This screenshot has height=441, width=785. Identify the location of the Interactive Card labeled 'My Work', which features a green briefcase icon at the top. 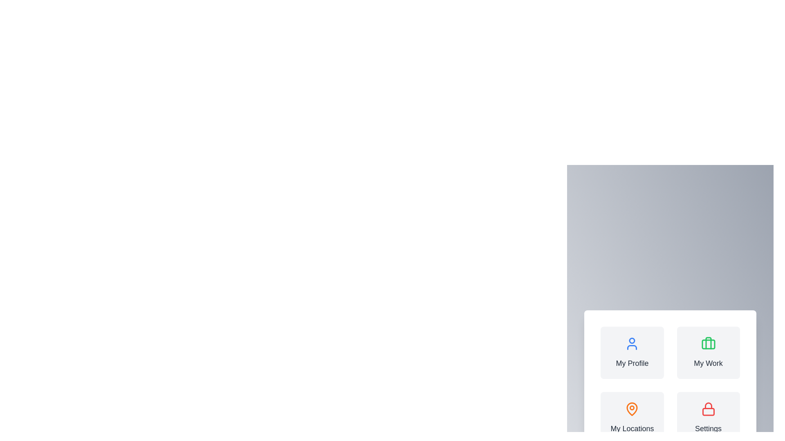
(708, 352).